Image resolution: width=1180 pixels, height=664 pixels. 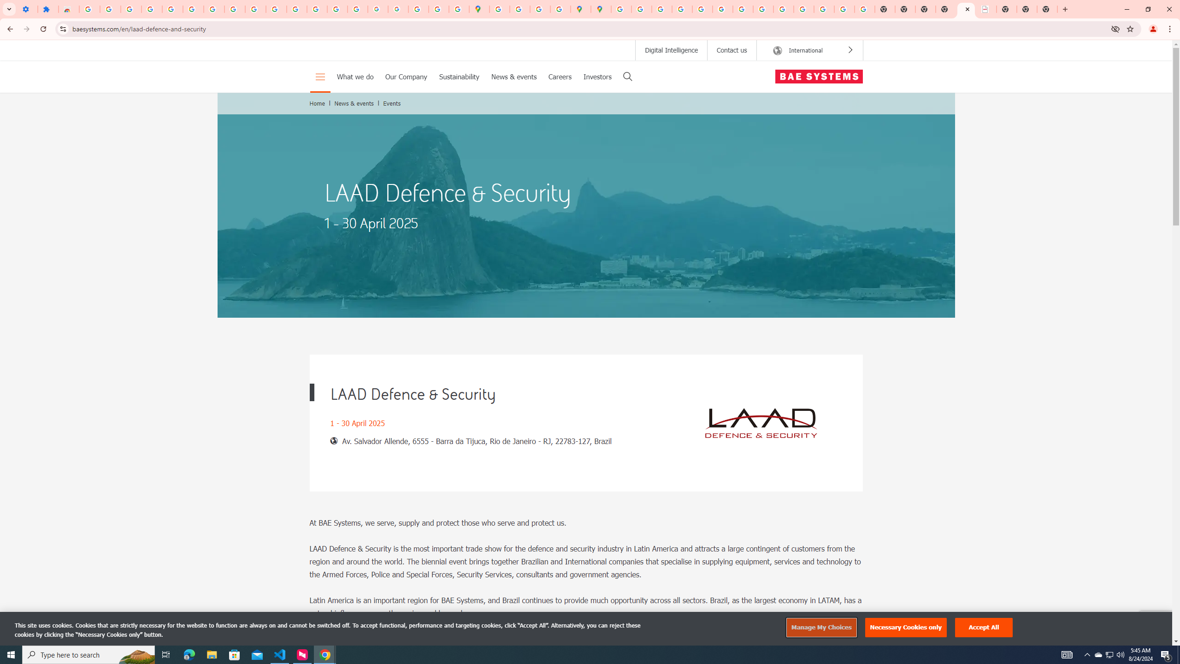 I want to click on 'YouTube', so click(x=743, y=9).